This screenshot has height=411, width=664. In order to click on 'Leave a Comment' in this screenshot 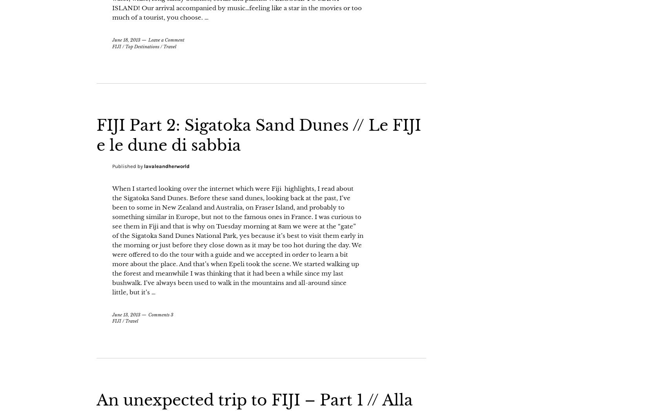, I will do `click(166, 60)`.